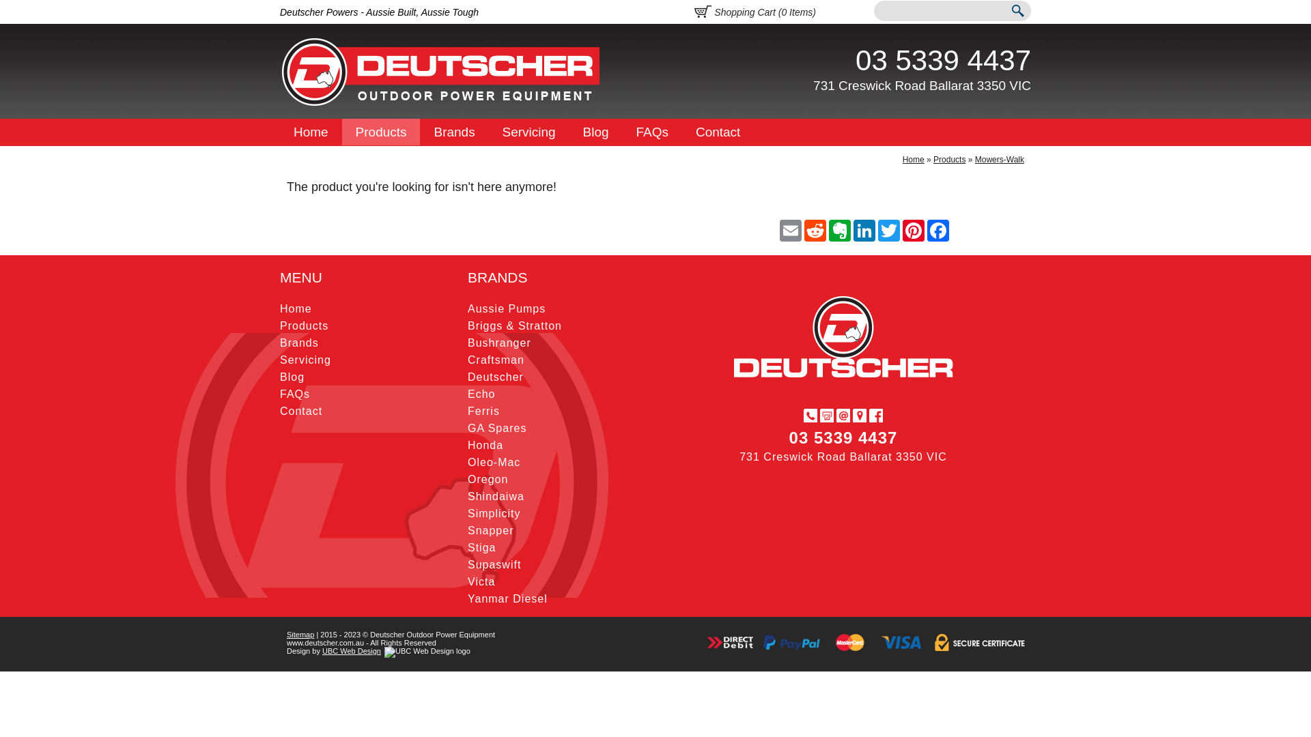  What do you see at coordinates (468, 513) in the screenshot?
I see `'Simplicity'` at bounding box center [468, 513].